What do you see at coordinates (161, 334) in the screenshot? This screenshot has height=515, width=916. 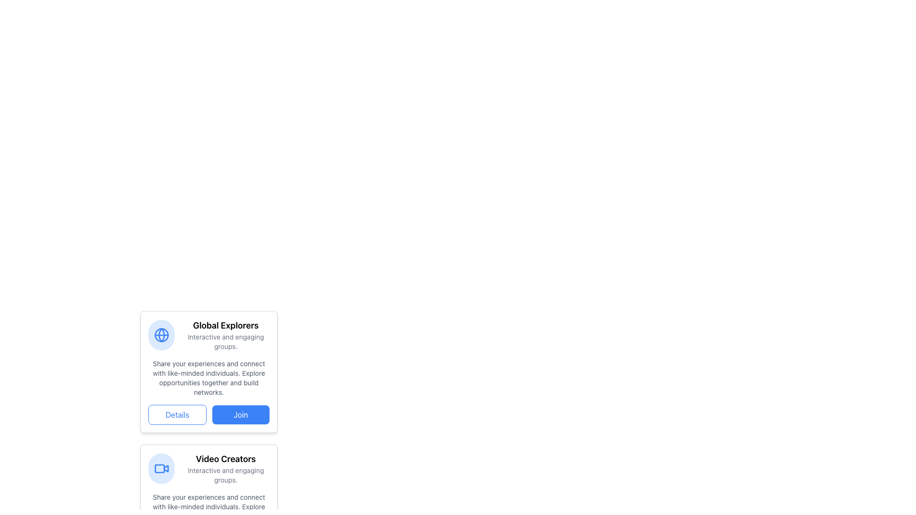 I see `the circular globe icon with a blue outline, located above the title 'Global Explorers' within the card component` at bounding box center [161, 334].